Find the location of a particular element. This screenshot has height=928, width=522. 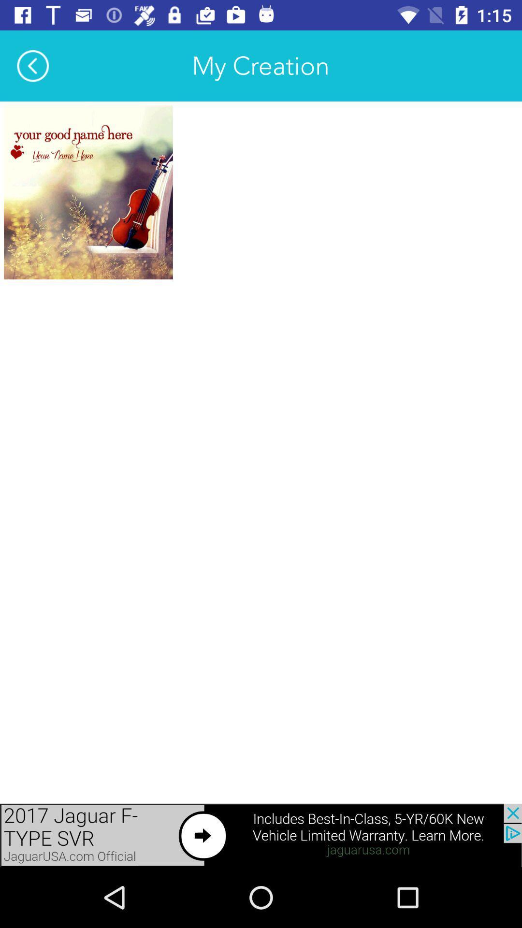

clickable advertisement is located at coordinates (261, 835).